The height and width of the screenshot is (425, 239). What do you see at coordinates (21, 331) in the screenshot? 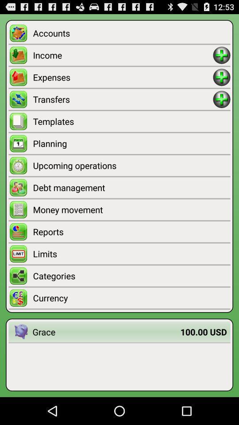
I see `app to the left of the grace item` at bounding box center [21, 331].